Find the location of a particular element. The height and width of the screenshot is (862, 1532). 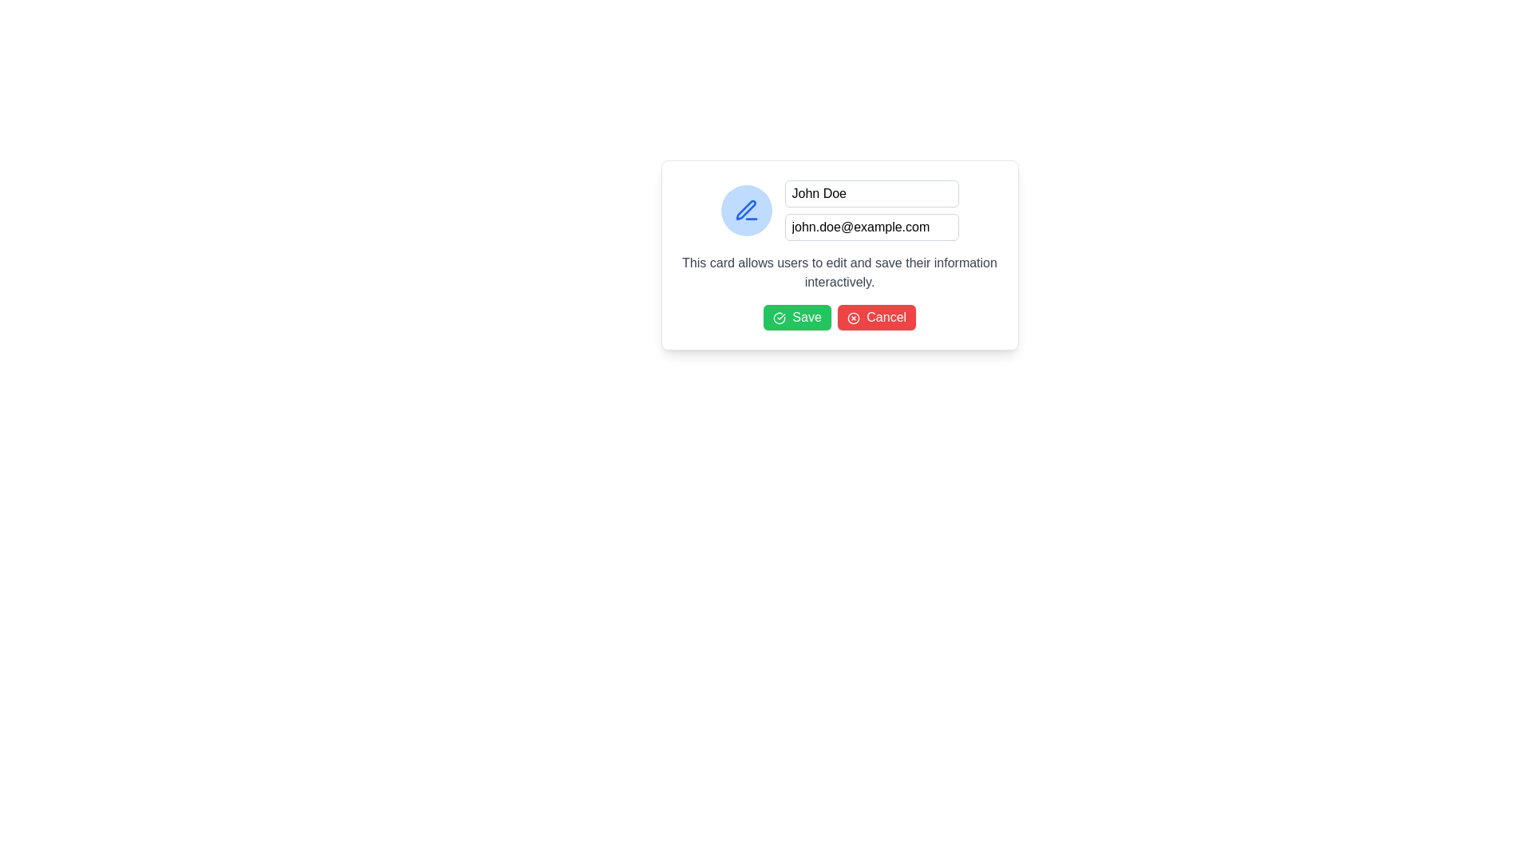

the checked circle SVG icon located to the left of the 'Save' text within the green button at the lower part of the modal interface is located at coordinates (779, 318).